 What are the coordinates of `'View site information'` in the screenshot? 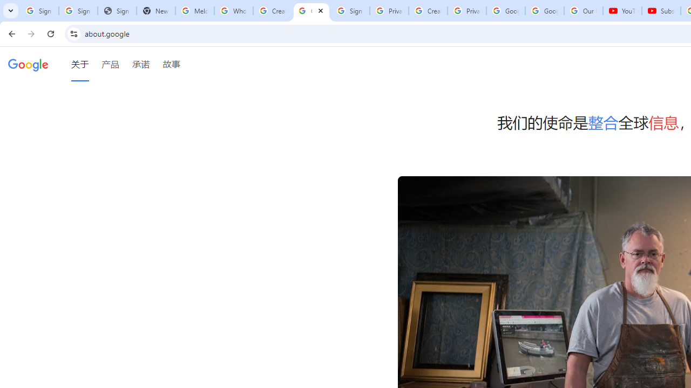 It's located at (73, 33).